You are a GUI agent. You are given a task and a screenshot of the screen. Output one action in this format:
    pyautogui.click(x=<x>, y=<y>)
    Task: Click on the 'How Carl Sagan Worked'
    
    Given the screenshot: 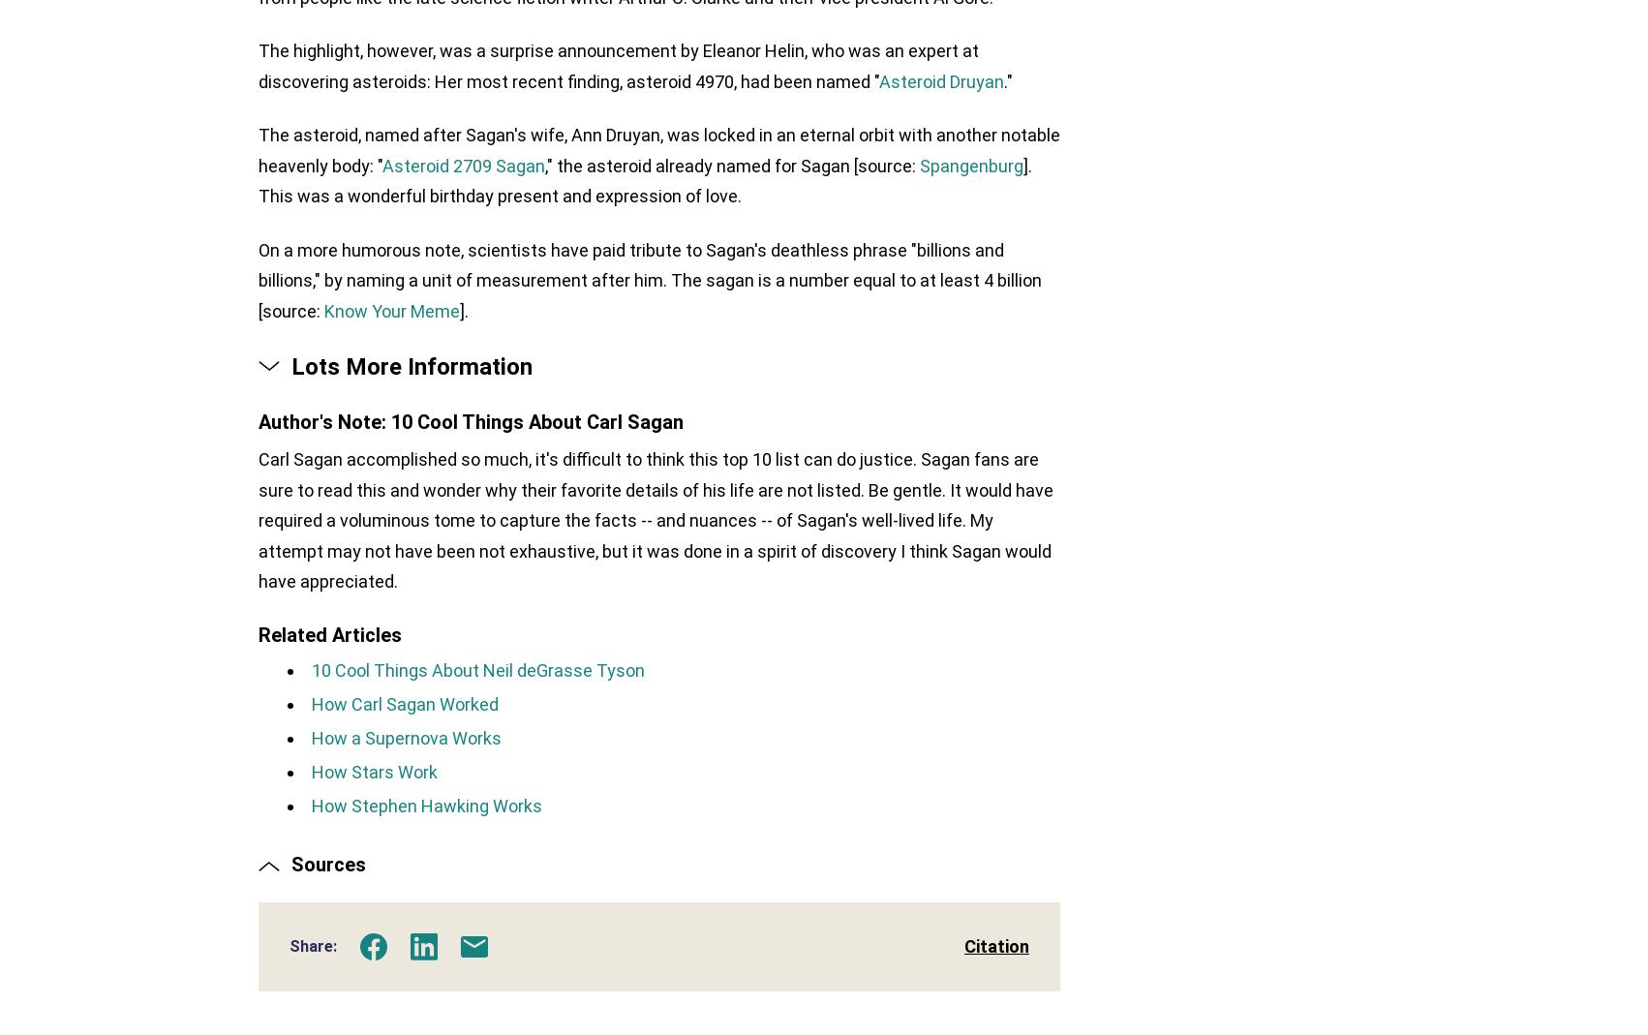 What is the action you would take?
    pyautogui.click(x=405, y=706)
    